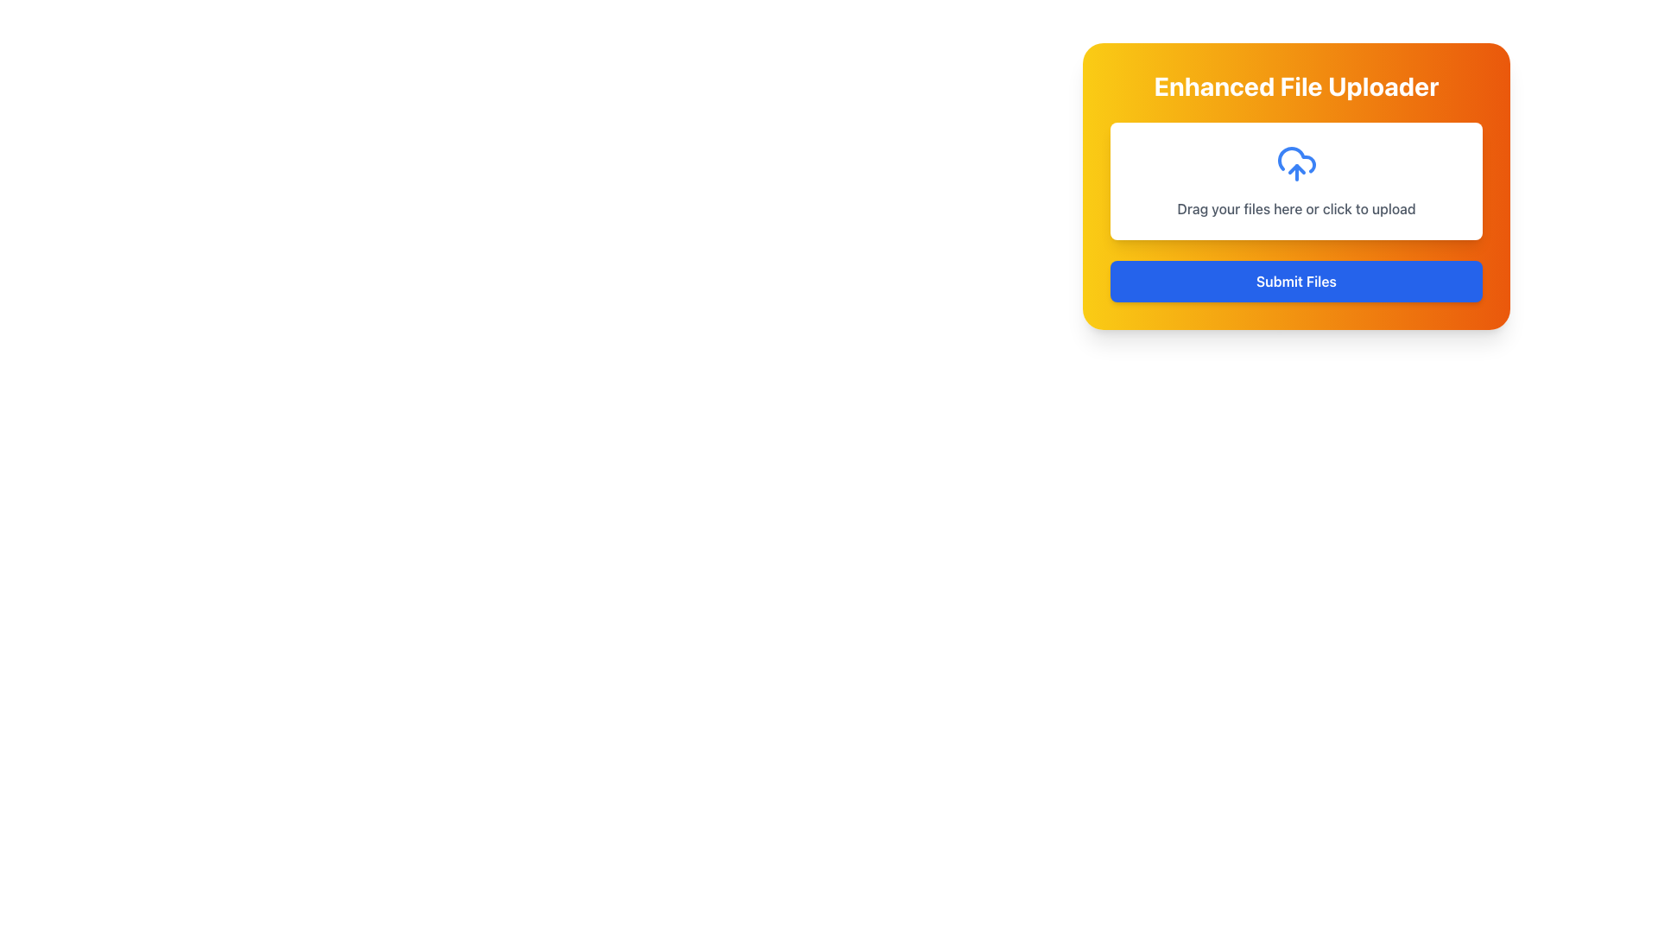 The height and width of the screenshot is (933, 1658). What do you see at coordinates (1296, 208) in the screenshot?
I see `the text label that reads 'Drag your files here or click to upload', which is styled with medium gray text and positioned below a blue cloud-upload icon in a card-like interface` at bounding box center [1296, 208].